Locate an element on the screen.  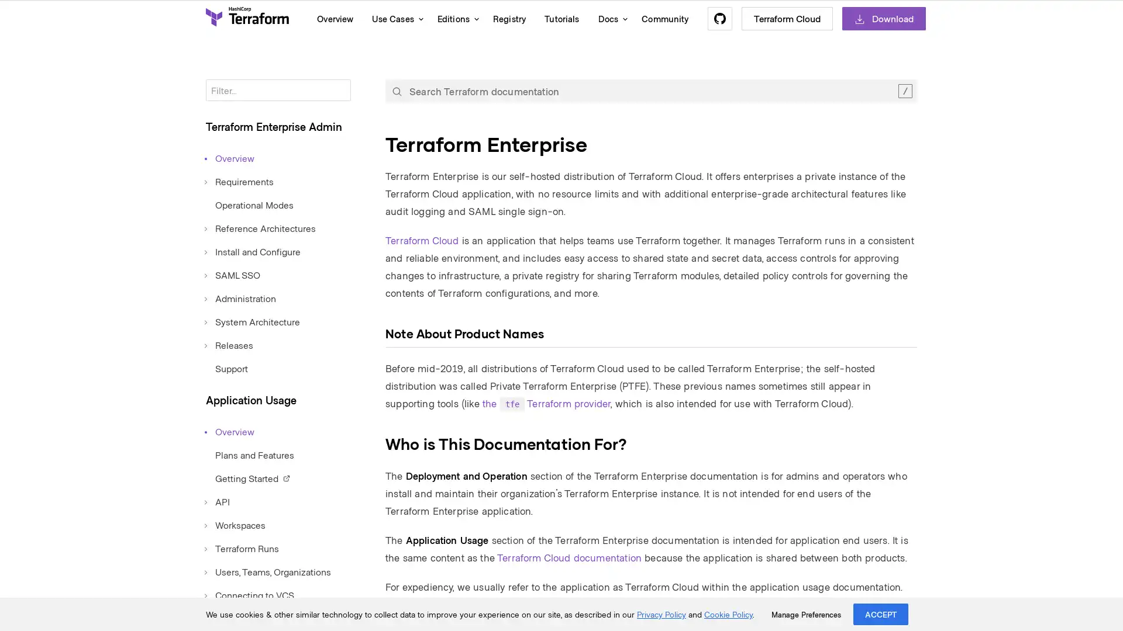
Workspaces is located at coordinates (235, 524).